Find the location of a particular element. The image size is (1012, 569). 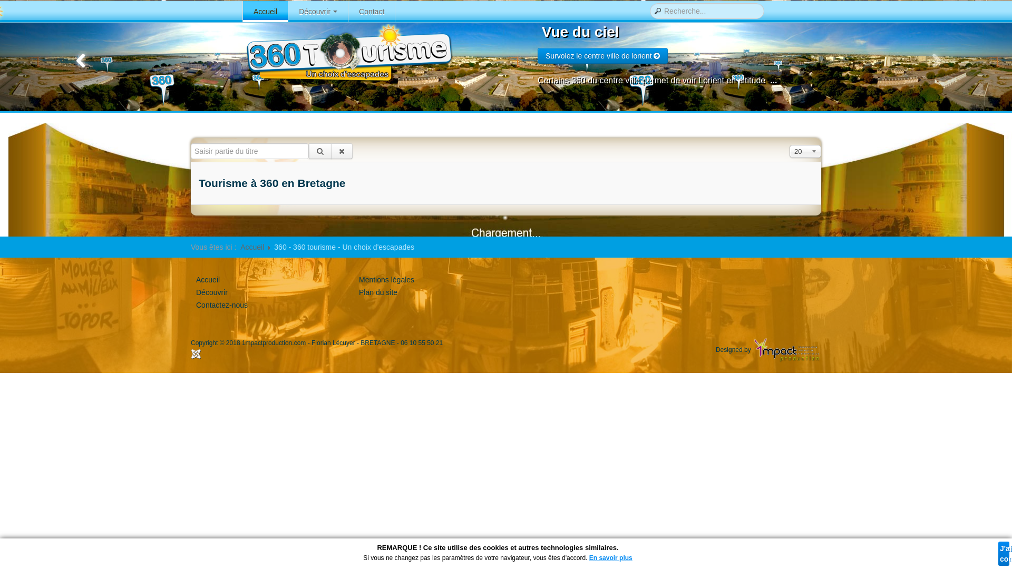

'Designed by' is located at coordinates (768, 349).